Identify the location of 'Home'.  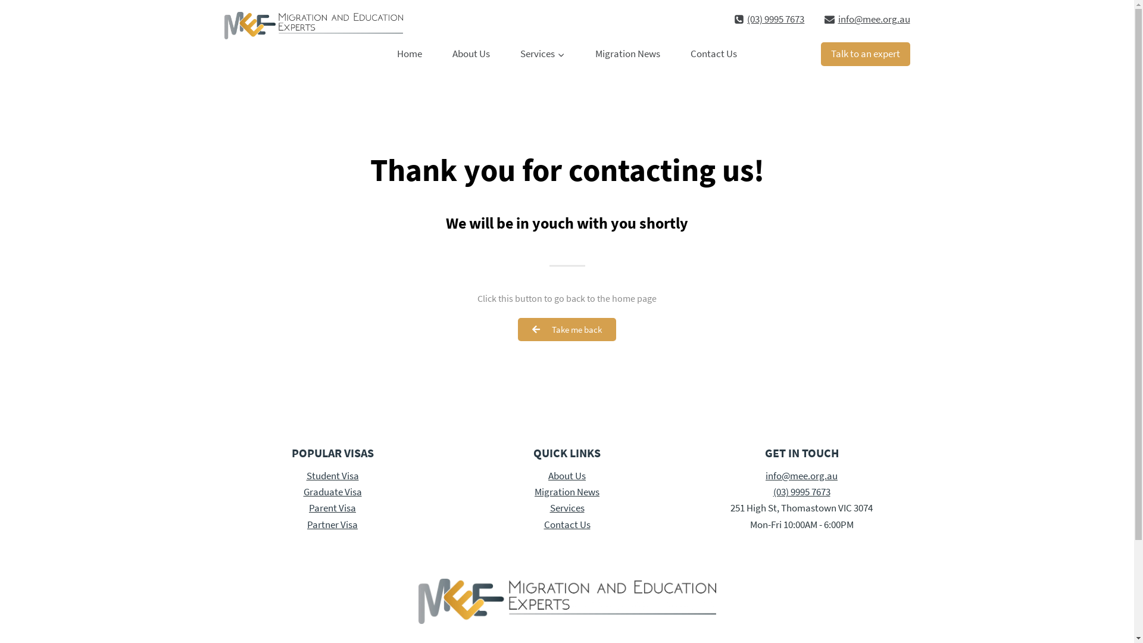
(410, 54).